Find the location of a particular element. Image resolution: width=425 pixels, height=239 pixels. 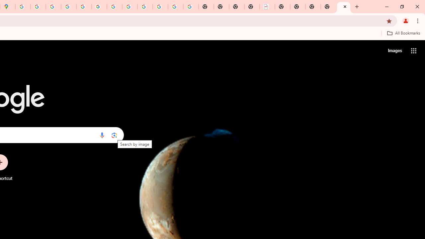

'Privacy Help Center - Policies Help' is located at coordinates (69, 7).